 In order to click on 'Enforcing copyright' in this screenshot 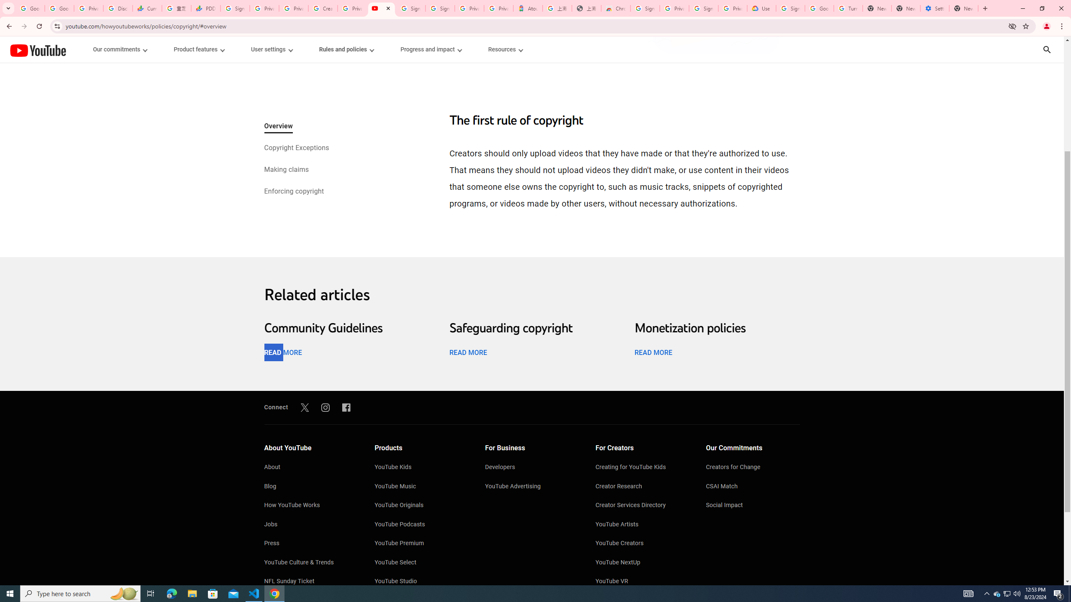, I will do `click(293, 192)`.